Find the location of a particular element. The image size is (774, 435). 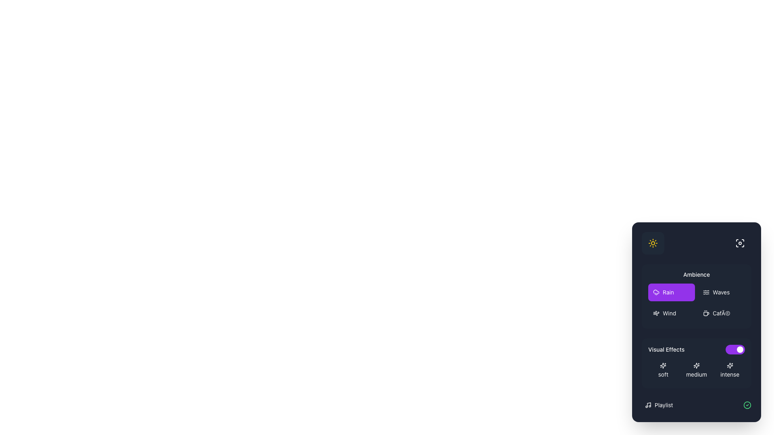

the 'intense' button, which is styled with a dark background and light-colored content is located at coordinates (730, 371).